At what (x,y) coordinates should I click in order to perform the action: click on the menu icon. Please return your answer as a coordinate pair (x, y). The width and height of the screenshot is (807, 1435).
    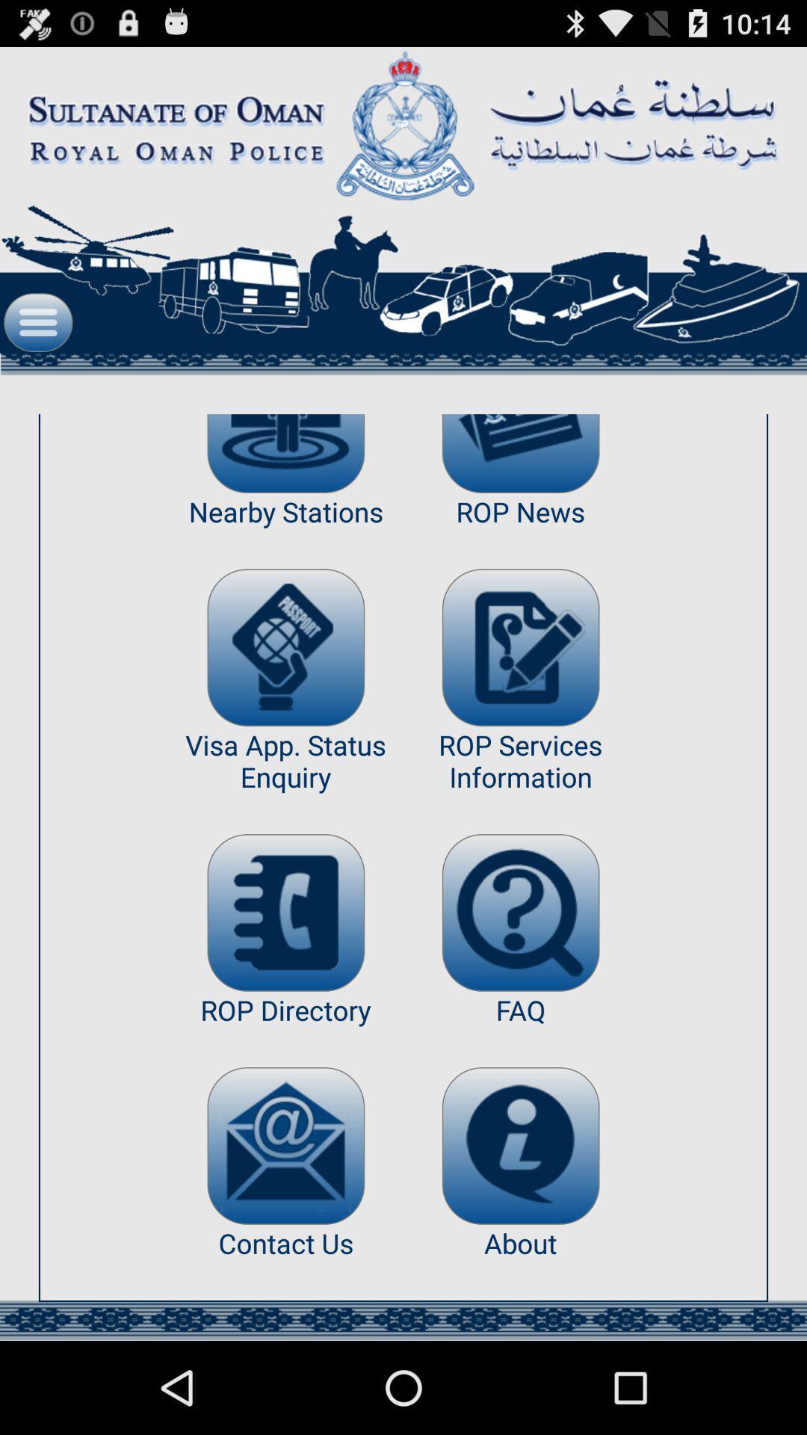
    Looking at the image, I should click on (37, 344).